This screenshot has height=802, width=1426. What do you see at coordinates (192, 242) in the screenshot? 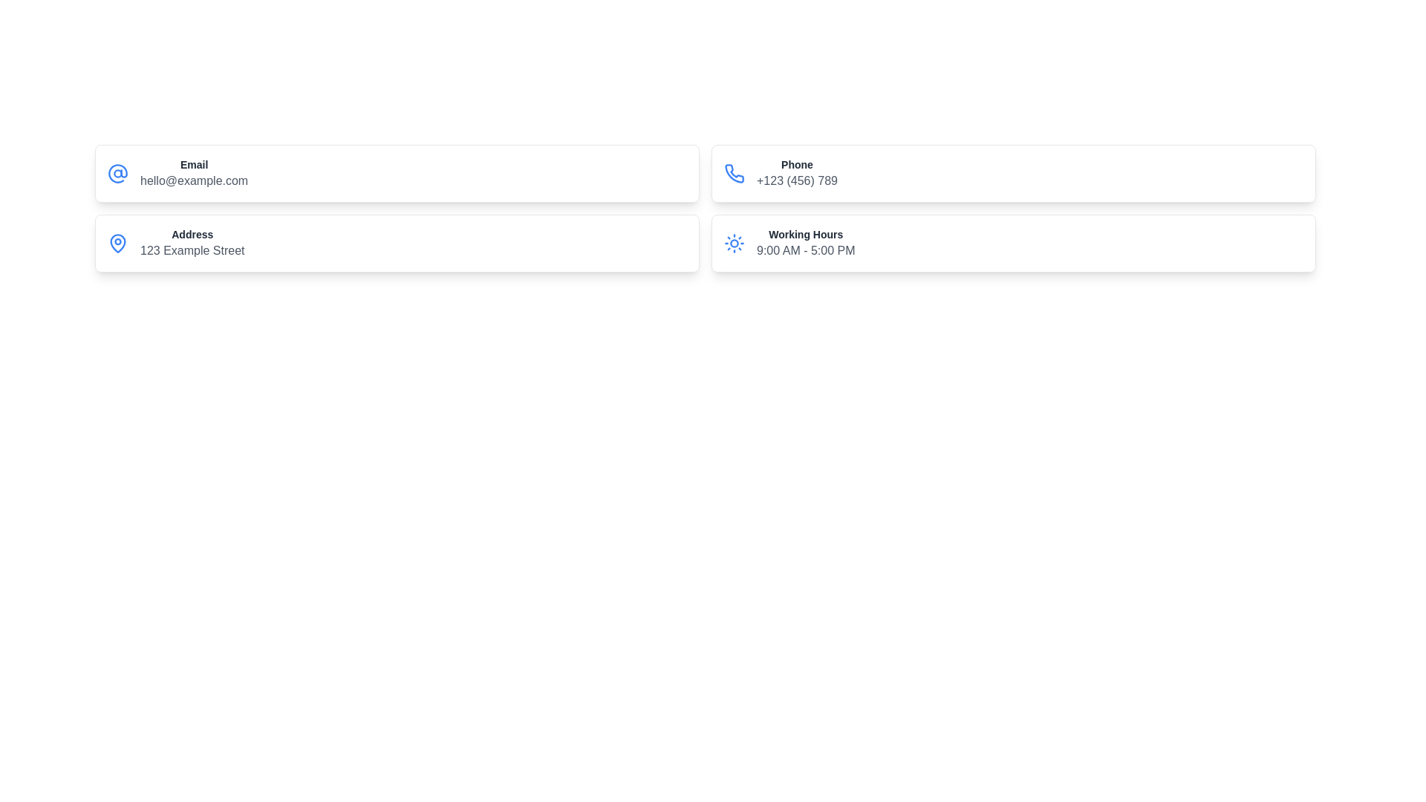
I see `text from the text block labeled 'Address' which contains '123 Example Street'` at bounding box center [192, 242].